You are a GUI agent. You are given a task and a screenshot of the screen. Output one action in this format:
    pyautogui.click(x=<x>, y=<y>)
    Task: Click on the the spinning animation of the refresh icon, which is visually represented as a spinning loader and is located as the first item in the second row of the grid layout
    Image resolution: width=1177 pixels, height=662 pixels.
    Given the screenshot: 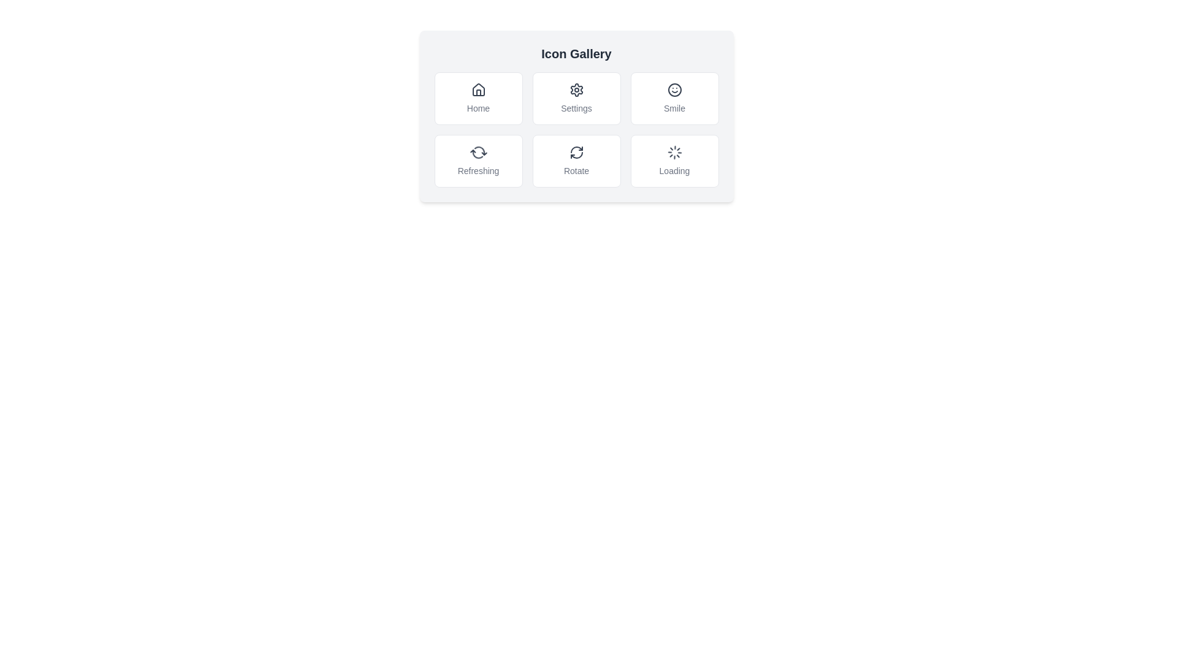 What is the action you would take?
    pyautogui.click(x=478, y=152)
    